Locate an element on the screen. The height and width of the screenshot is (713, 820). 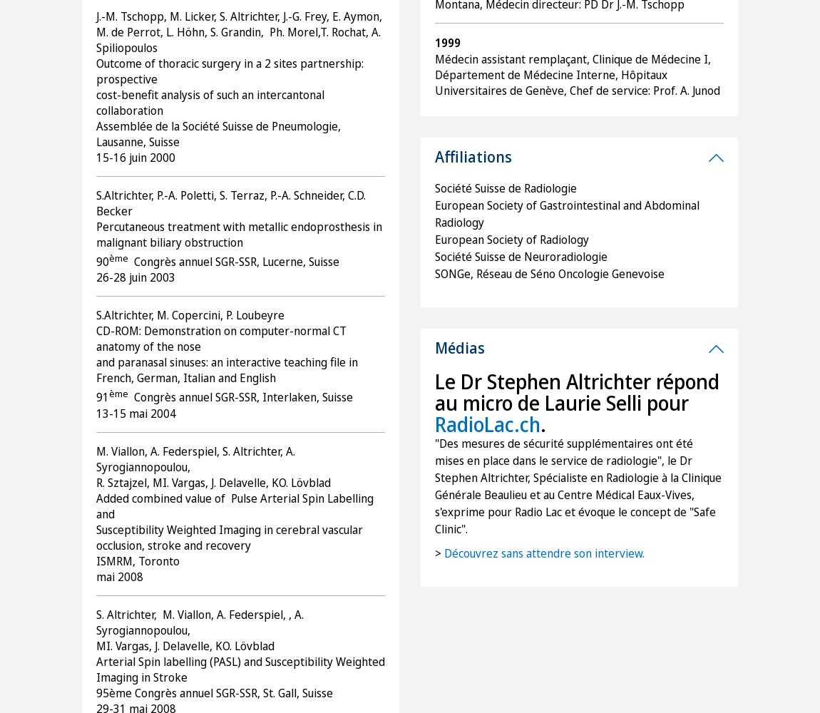
'Médecin assistant remplaçant, Clinique de Médecine I, Département de Médecine Interne, Hôpitaux Universitaires de Genève, Chef de service: Prof. A. Junod' is located at coordinates (576, 74).